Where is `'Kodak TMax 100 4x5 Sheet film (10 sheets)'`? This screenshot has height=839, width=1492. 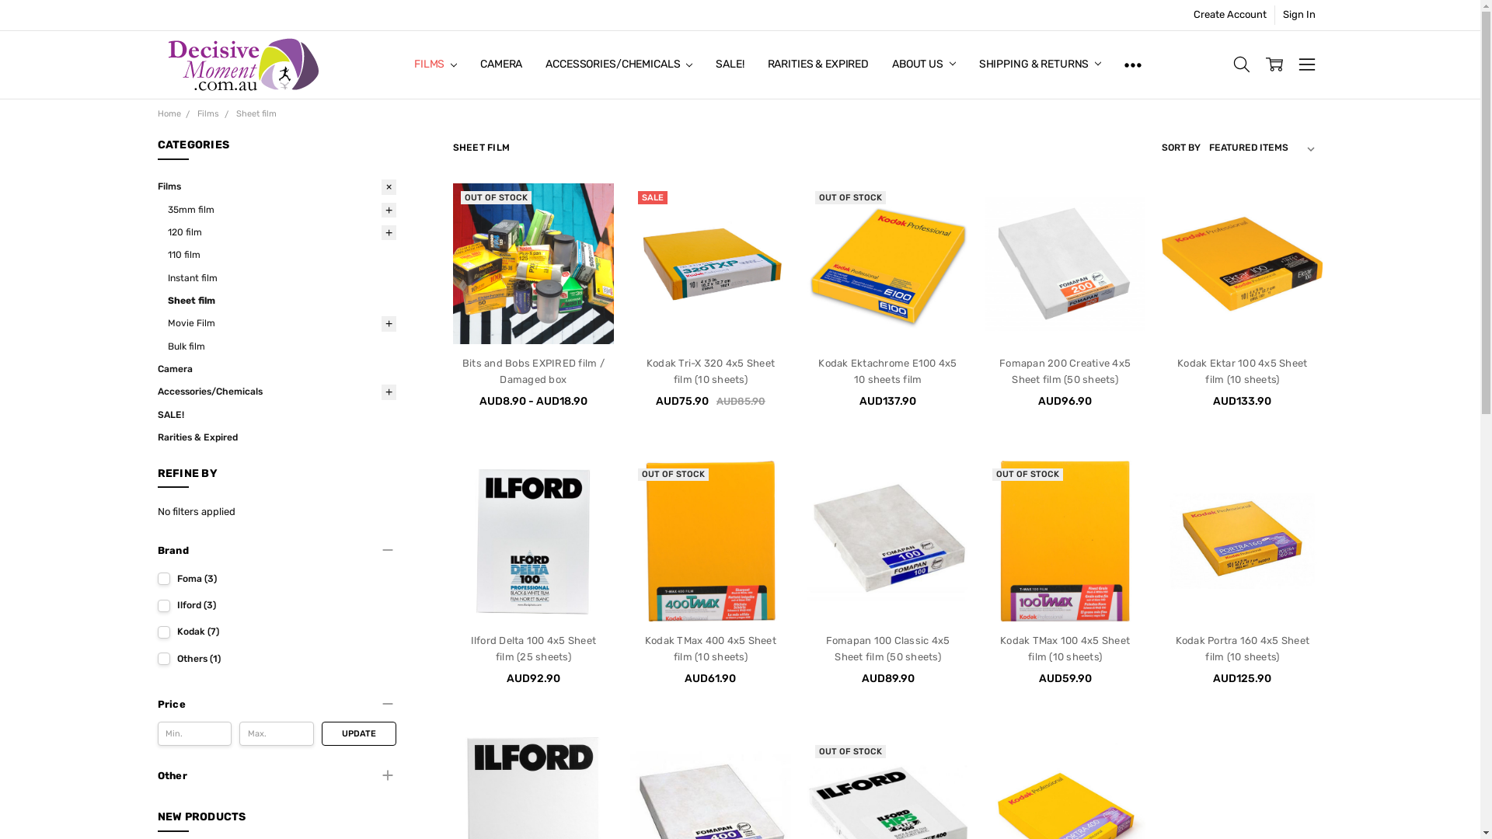
'Kodak TMax 100 4x5 Sheet film (10 sheets)' is located at coordinates (1064, 540).